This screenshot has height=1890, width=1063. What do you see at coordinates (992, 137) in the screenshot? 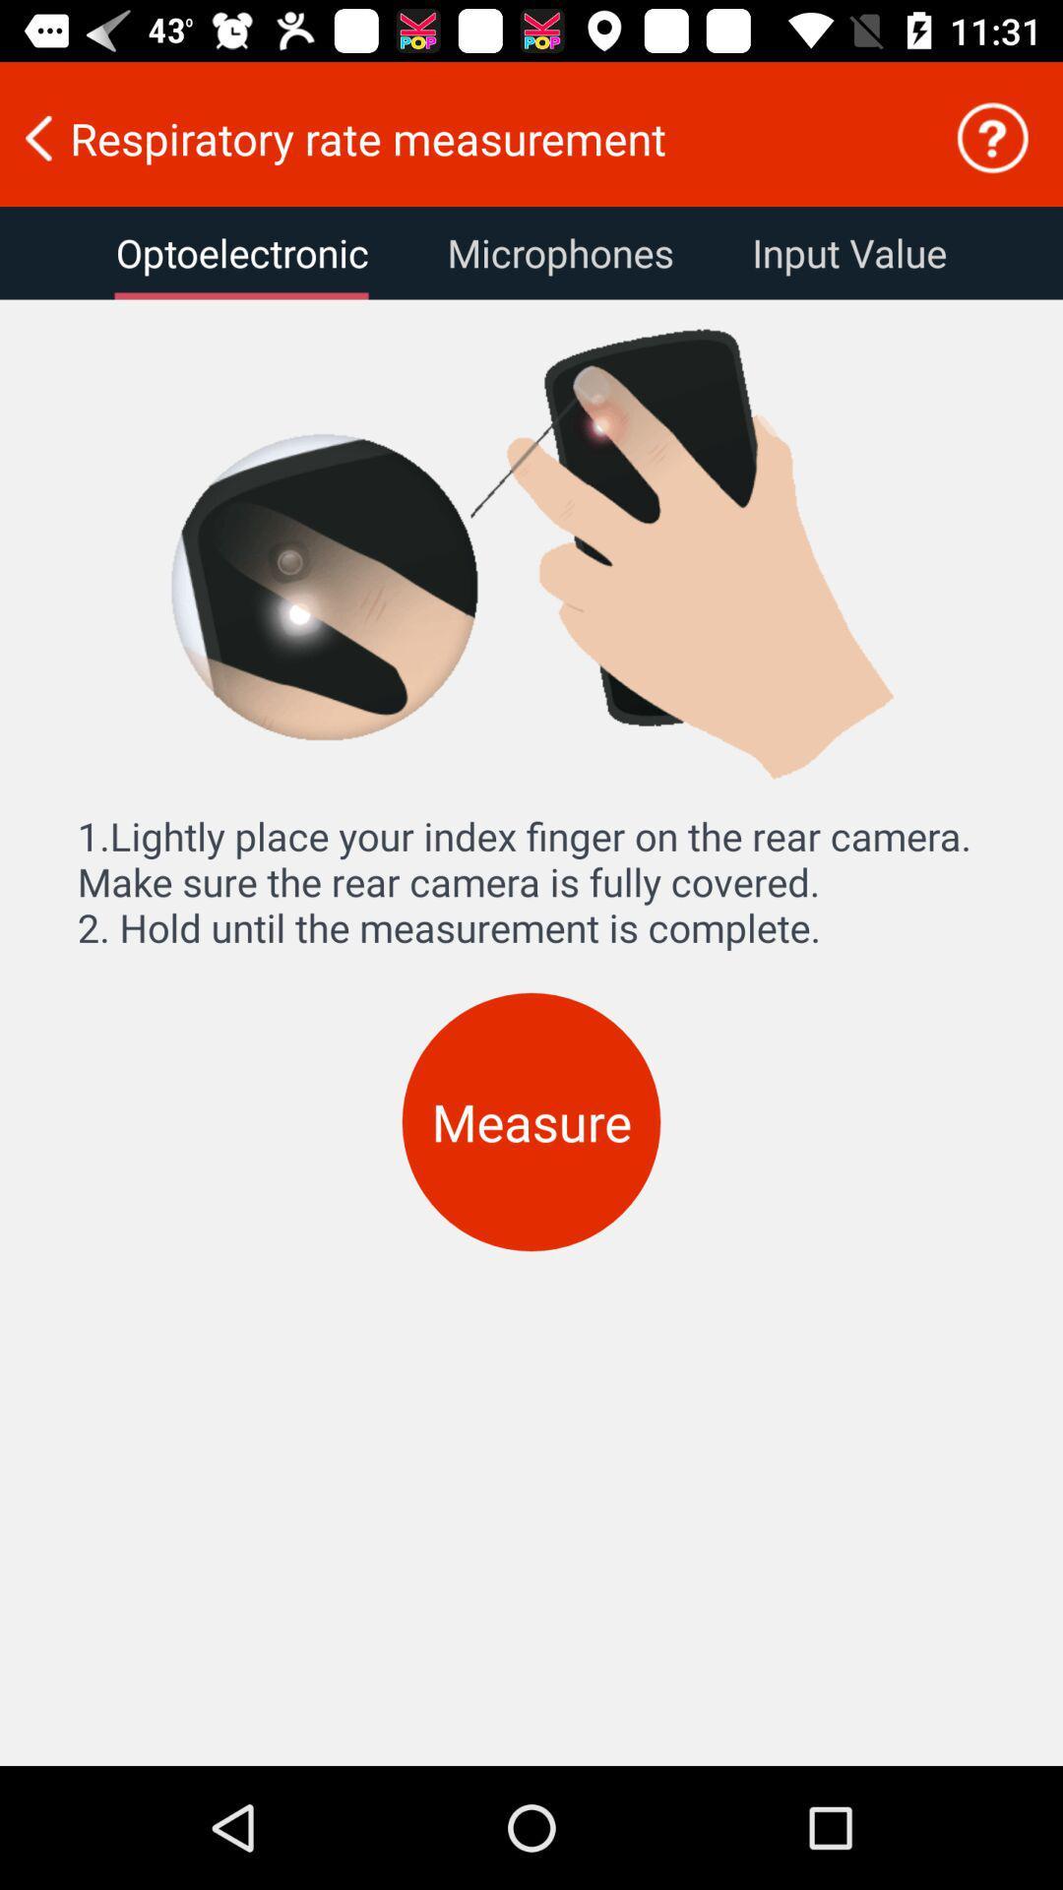
I see `question mark` at bounding box center [992, 137].